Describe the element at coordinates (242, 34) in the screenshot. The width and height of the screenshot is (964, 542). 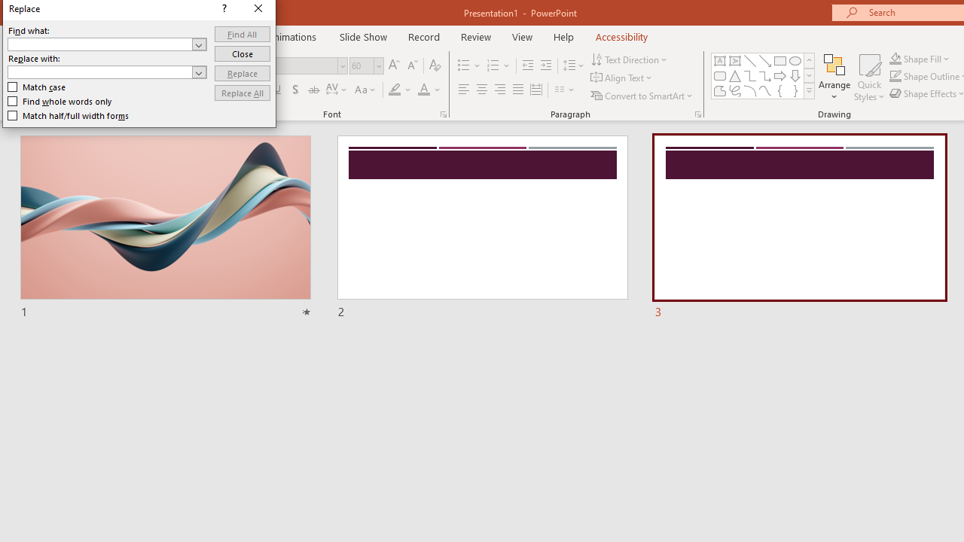
I see `'Find All'` at that location.